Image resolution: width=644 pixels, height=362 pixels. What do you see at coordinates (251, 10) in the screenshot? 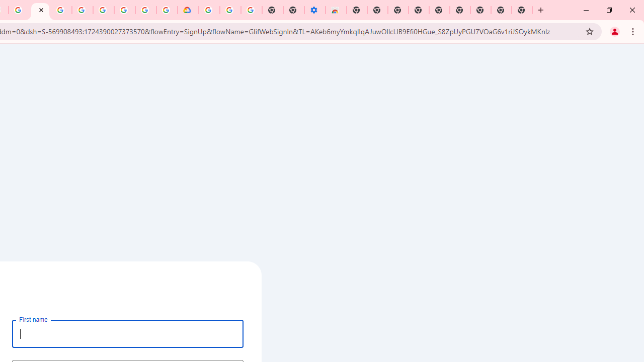
I see `'Turn cookies on or off - Computer - Google Account Help'` at bounding box center [251, 10].